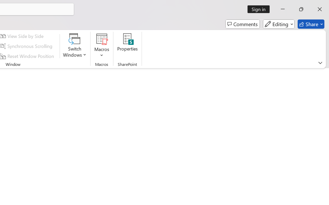 The image size is (329, 205). Describe the element at coordinates (260, 9) in the screenshot. I see `'Sign in'` at that location.